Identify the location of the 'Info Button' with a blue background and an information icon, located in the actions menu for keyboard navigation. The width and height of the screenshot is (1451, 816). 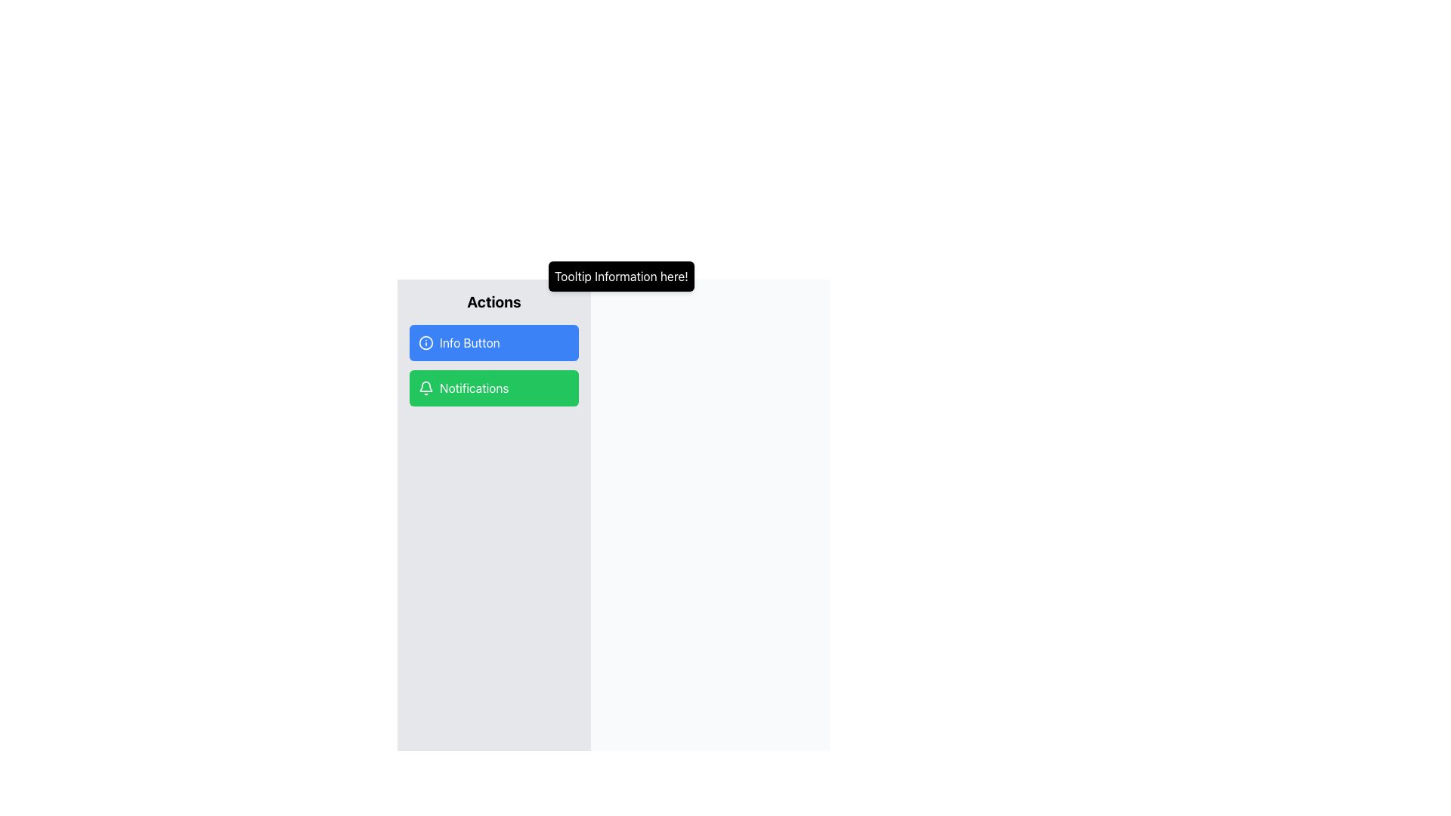
(493, 343).